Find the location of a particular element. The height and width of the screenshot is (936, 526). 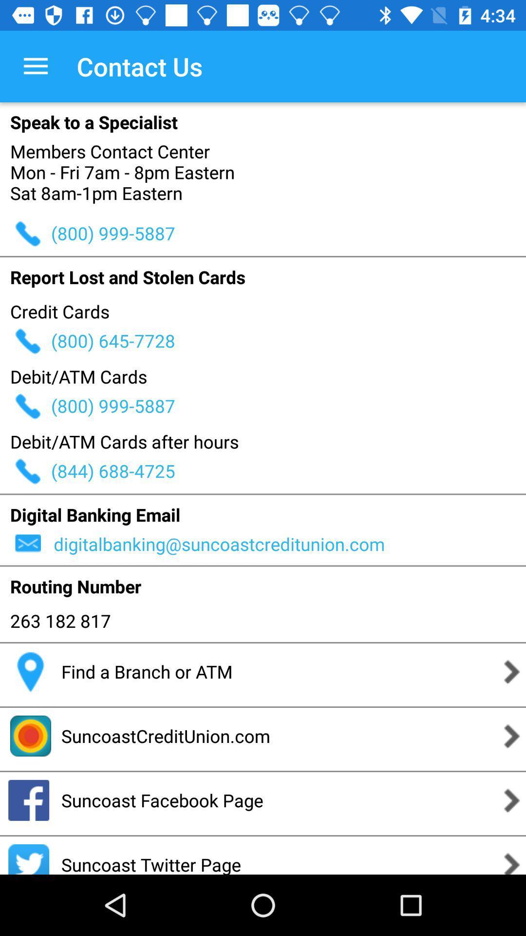

the item above debit/atm cards is located at coordinates (288, 341).